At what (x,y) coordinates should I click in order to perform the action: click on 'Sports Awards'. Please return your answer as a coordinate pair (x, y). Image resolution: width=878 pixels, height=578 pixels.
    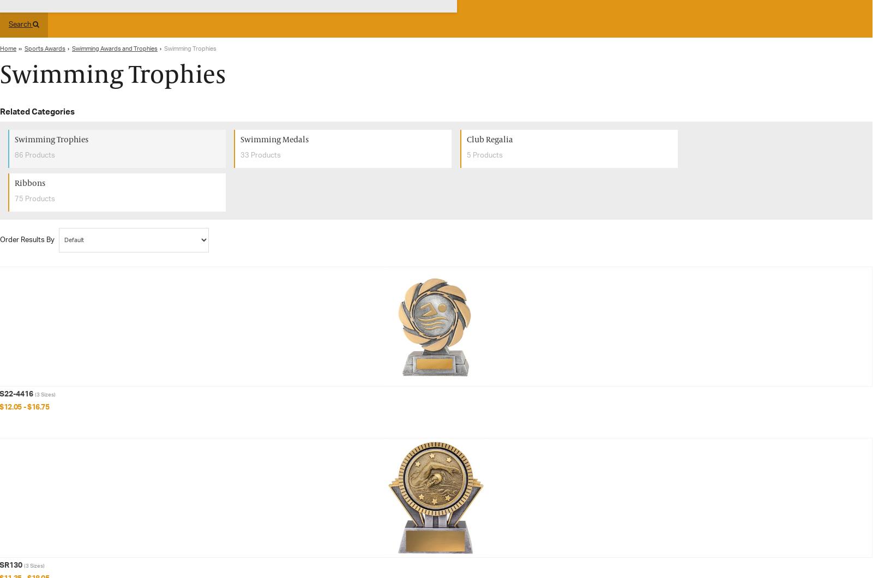
    Looking at the image, I should click on (25, 48).